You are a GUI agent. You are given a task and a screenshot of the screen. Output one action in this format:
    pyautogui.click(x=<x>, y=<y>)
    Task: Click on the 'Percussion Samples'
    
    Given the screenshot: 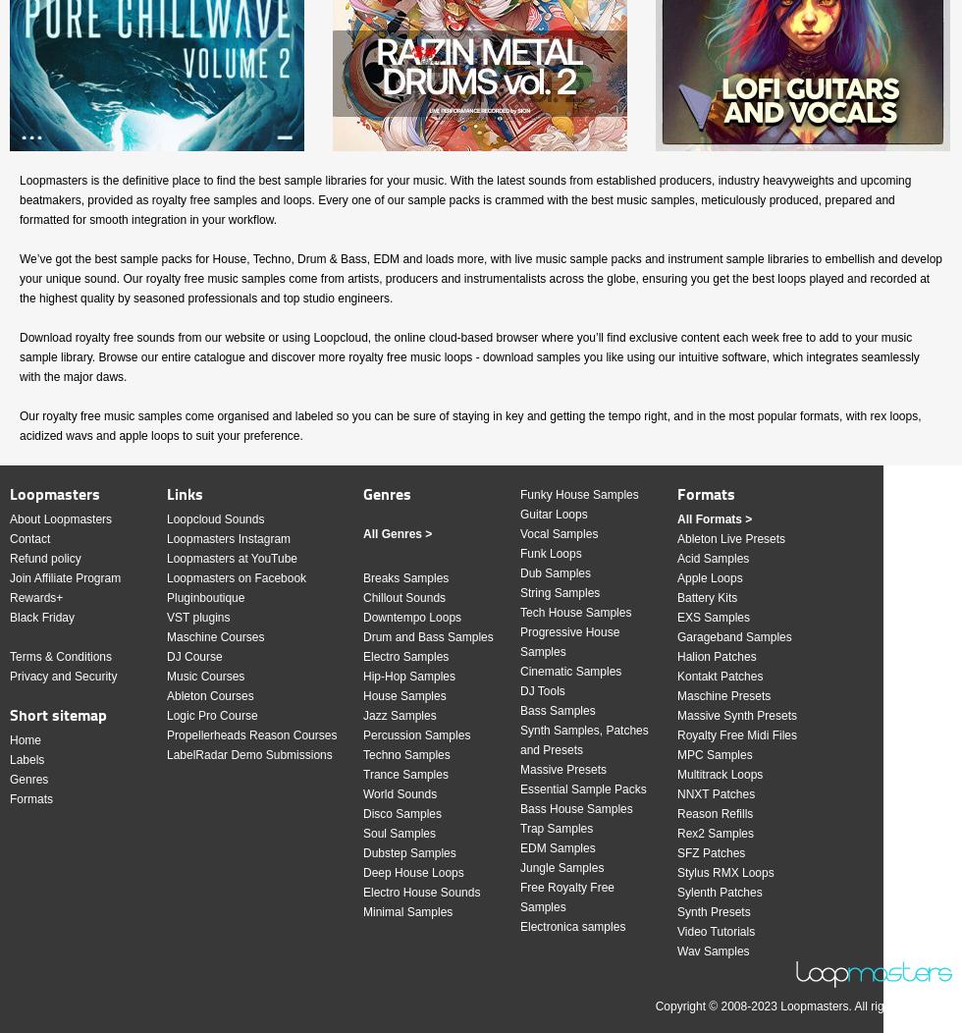 What is the action you would take?
    pyautogui.click(x=363, y=734)
    